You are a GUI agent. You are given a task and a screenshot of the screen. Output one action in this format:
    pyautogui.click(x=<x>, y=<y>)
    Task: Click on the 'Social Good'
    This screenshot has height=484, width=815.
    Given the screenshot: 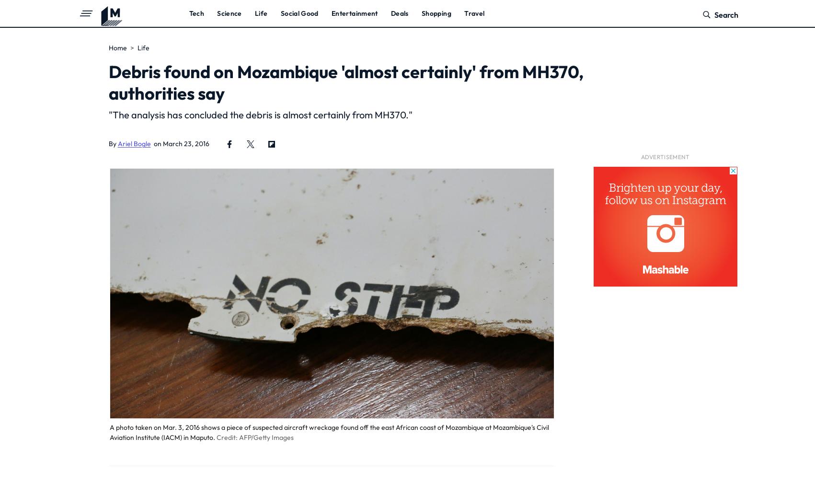 What is the action you would take?
    pyautogui.click(x=280, y=12)
    